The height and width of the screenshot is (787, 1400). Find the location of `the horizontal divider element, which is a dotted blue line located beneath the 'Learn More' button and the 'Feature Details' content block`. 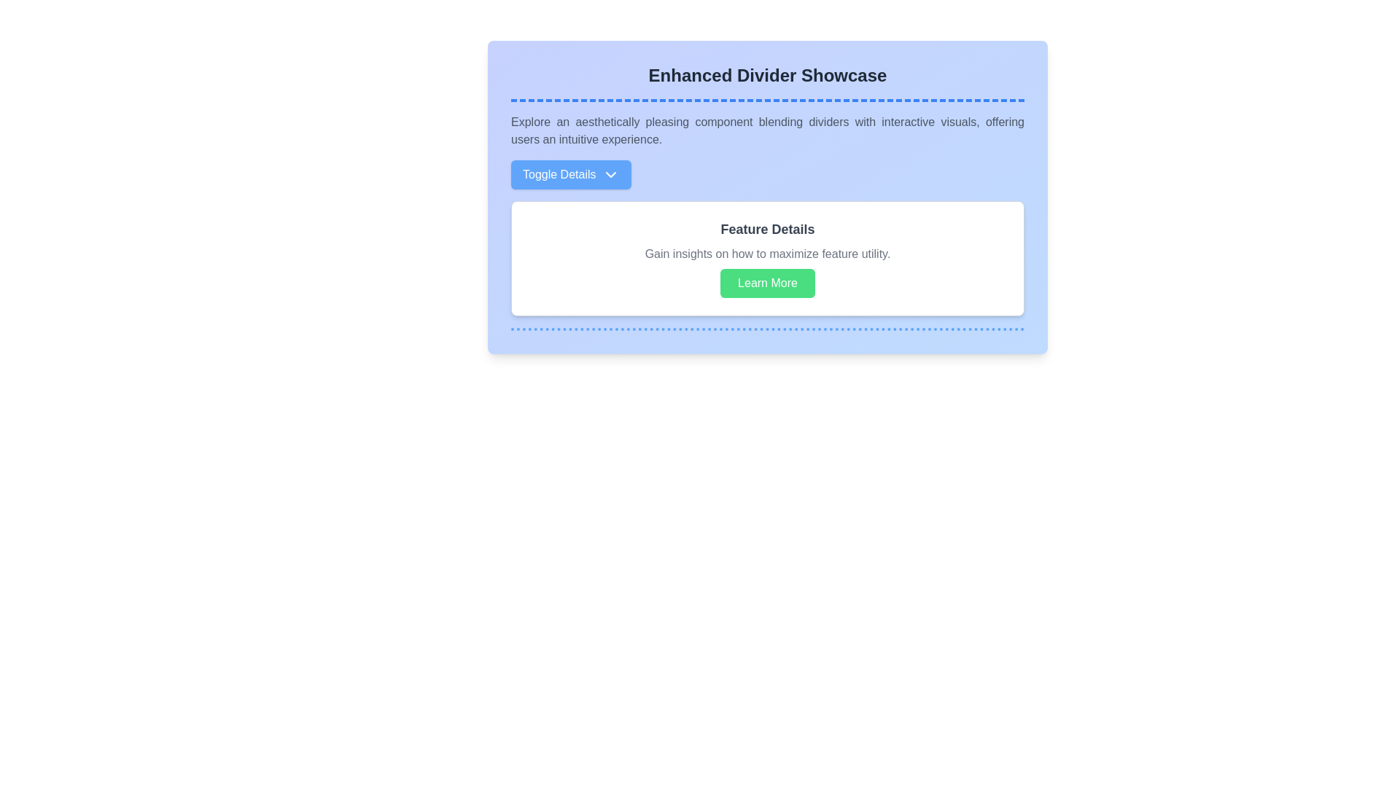

the horizontal divider element, which is a dotted blue line located beneath the 'Learn More' button and the 'Feature Details' content block is located at coordinates (766, 329).